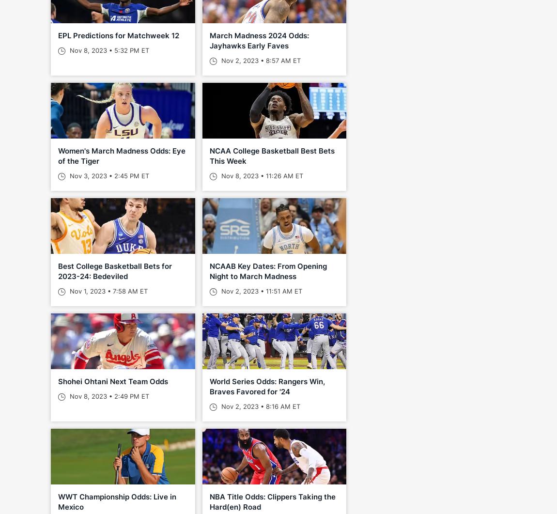 The width and height of the screenshot is (557, 514). Describe the element at coordinates (108, 50) in the screenshot. I see `'Nov 8, 2023 • 5:32 PM ET'` at that location.